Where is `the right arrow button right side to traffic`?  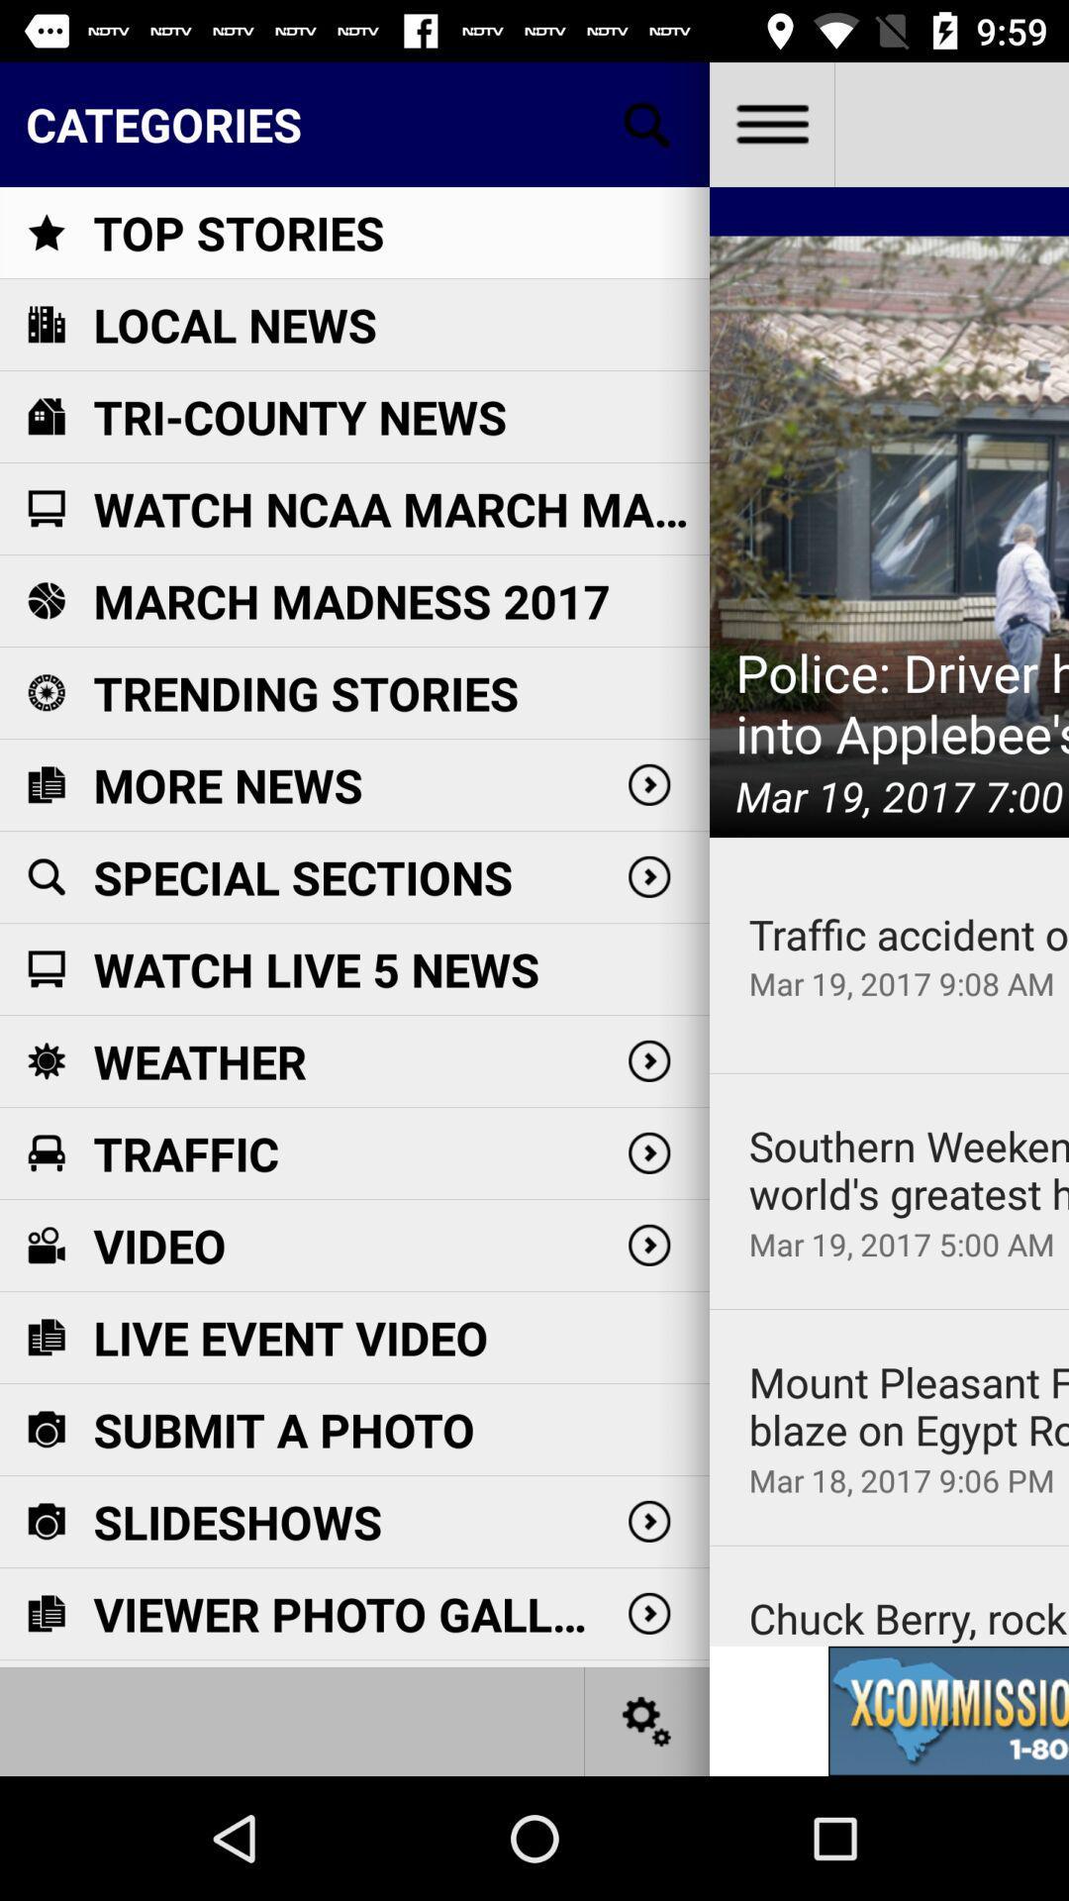
the right arrow button right side to traffic is located at coordinates (648, 1153).